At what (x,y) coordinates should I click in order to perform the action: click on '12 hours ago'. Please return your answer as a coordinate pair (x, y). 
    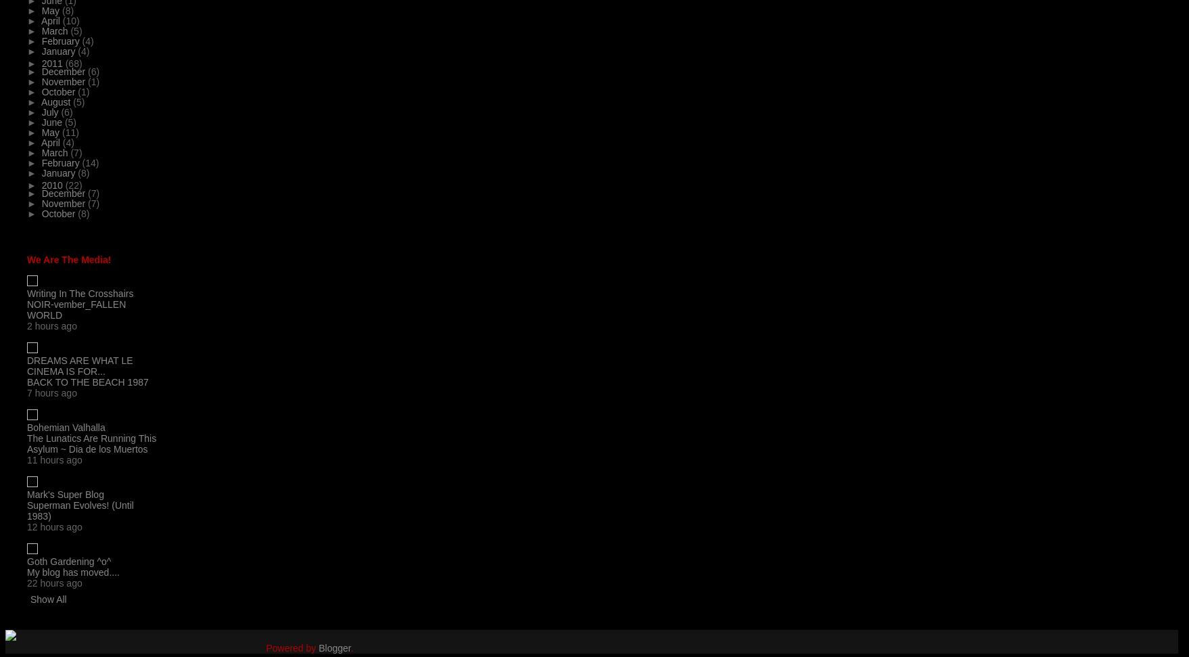
    Looking at the image, I should click on (54, 527).